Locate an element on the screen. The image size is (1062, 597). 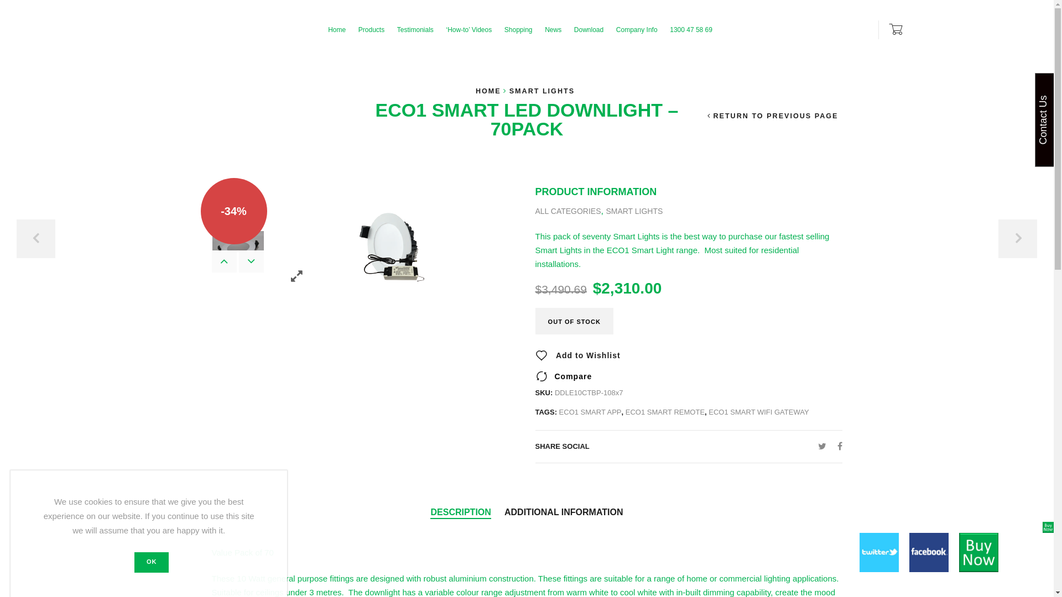
'SMART LIGHTS' is located at coordinates (634, 211).